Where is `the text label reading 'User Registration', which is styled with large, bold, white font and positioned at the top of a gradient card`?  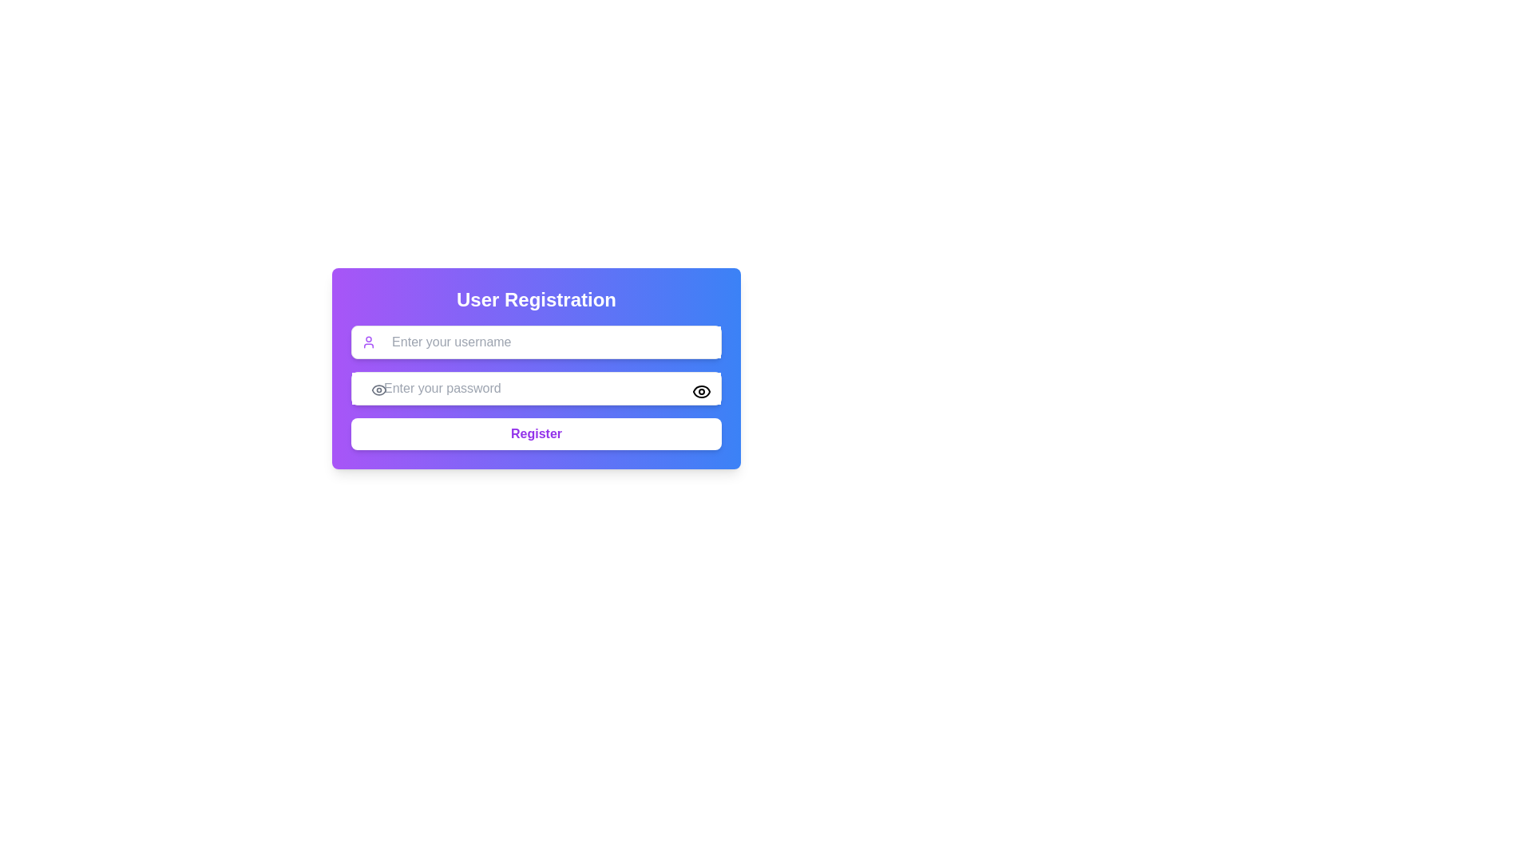
the text label reading 'User Registration', which is styled with large, bold, white font and positioned at the top of a gradient card is located at coordinates (537, 299).